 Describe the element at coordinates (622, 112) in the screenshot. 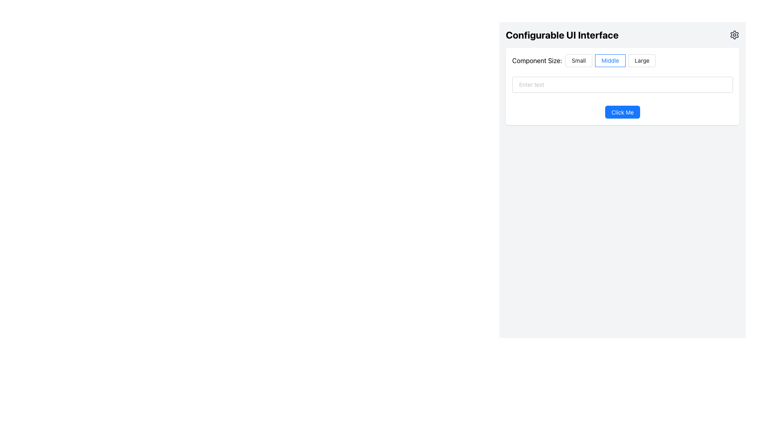

I see `the button that contains the text 'Click Me', which is styled with bold, white font on a vibrant blue background, located at the bottom center of the configuration section` at that location.